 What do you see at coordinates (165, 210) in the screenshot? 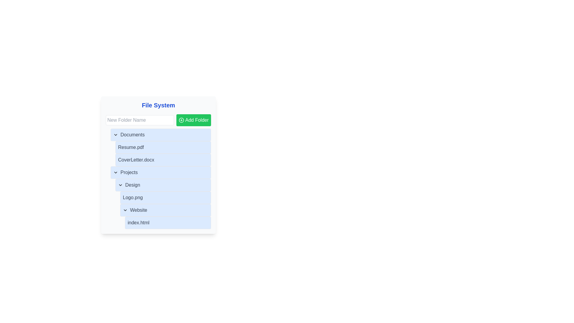
I see `the Collapsible Menu Trigger located in the Projects section` at bounding box center [165, 210].